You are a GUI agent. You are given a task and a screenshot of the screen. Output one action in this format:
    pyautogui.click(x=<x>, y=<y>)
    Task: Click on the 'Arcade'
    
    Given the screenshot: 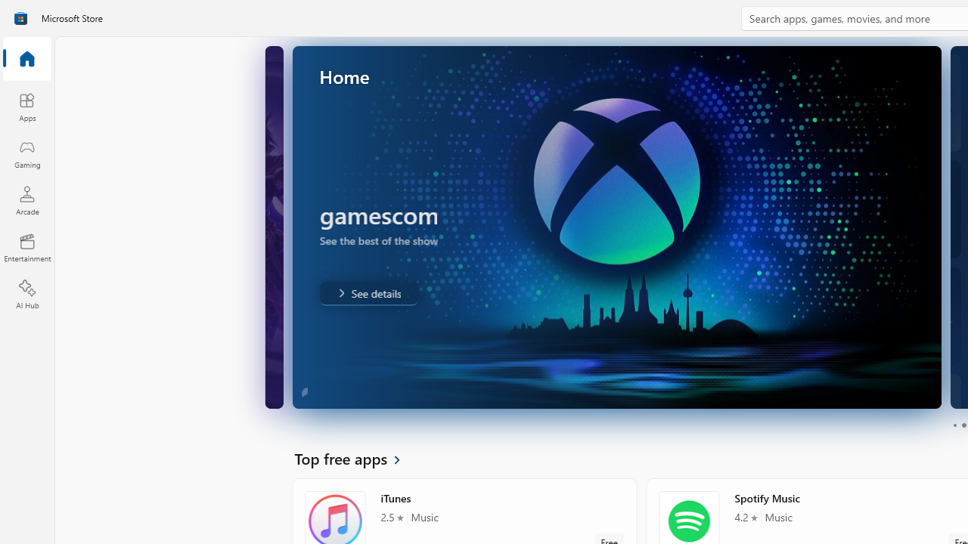 What is the action you would take?
    pyautogui.click(x=26, y=199)
    